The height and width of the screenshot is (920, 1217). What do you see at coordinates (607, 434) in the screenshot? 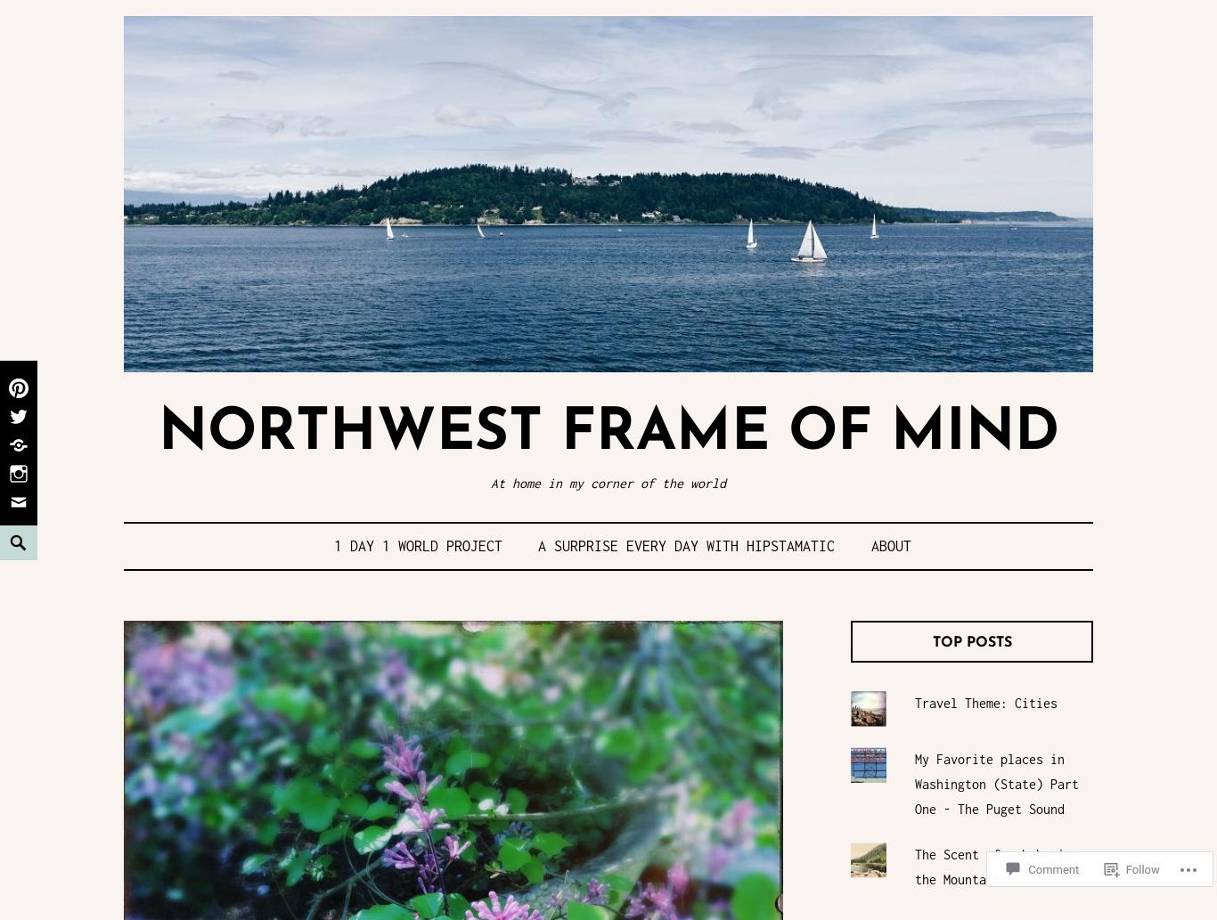
I see `'Northwest Frame of Mind'` at bounding box center [607, 434].